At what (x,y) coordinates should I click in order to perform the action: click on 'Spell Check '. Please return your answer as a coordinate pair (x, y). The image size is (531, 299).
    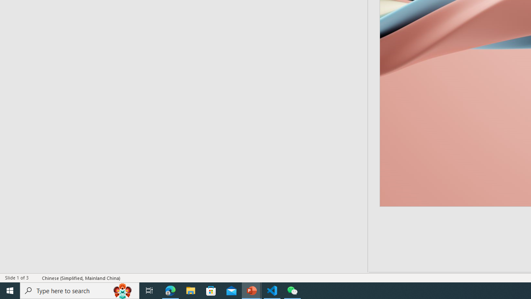
    Looking at the image, I should click on (35, 278).